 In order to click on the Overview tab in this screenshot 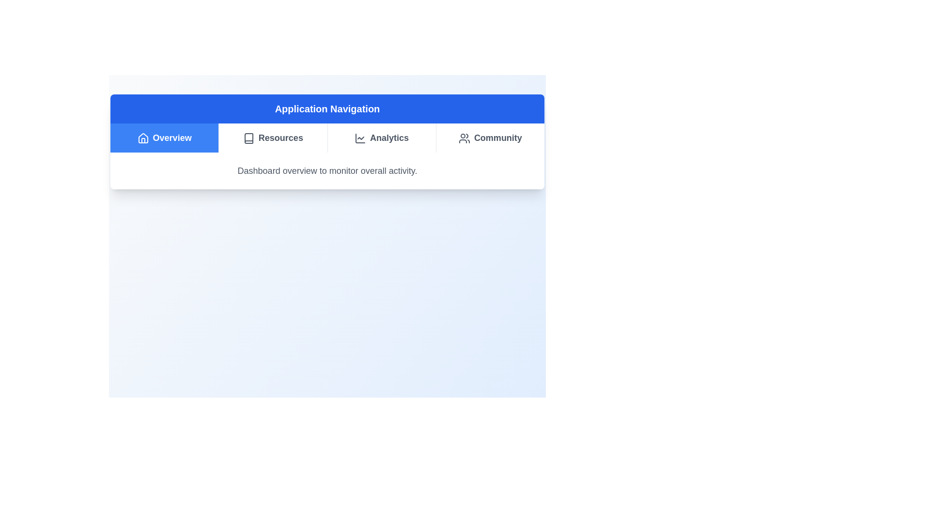, I will do `click(164, 138)`.